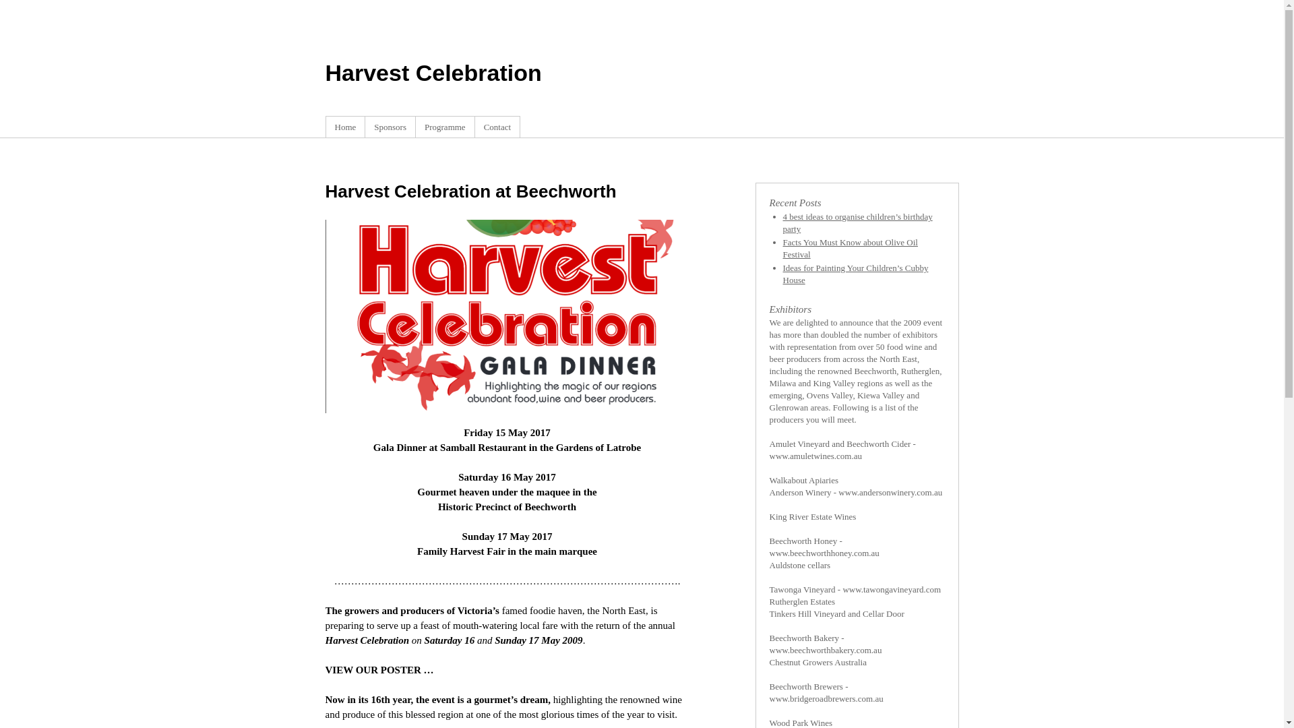 The height and width of the screenshot is (728, 1294). Describe the element at coordinates (390, 127) in the screenshot. I see `'Sponsors'` at that location.